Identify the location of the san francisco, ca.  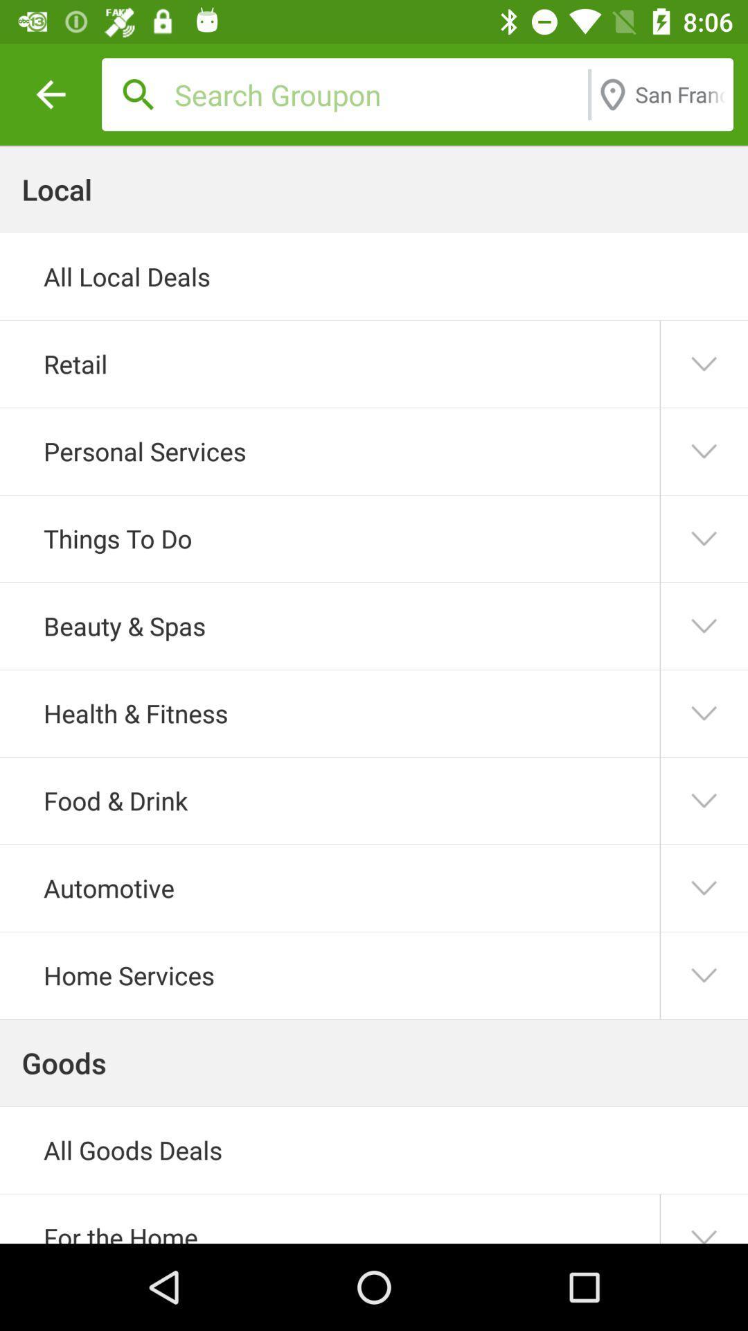
(679, 94).